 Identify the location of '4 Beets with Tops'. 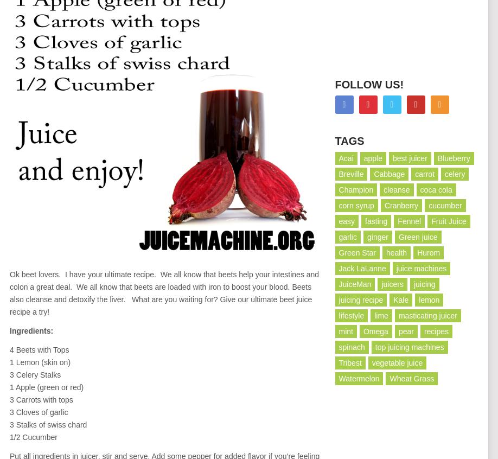
(39, 349).